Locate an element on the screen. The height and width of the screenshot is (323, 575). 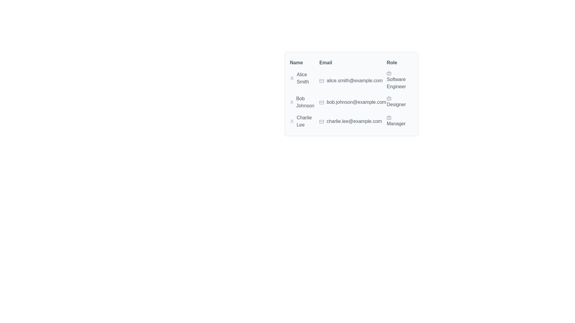
the compact gray briefcase icon located in the third row under the 'Role' column next to 'Charlie Lee' is located at coordinates (389, 118).